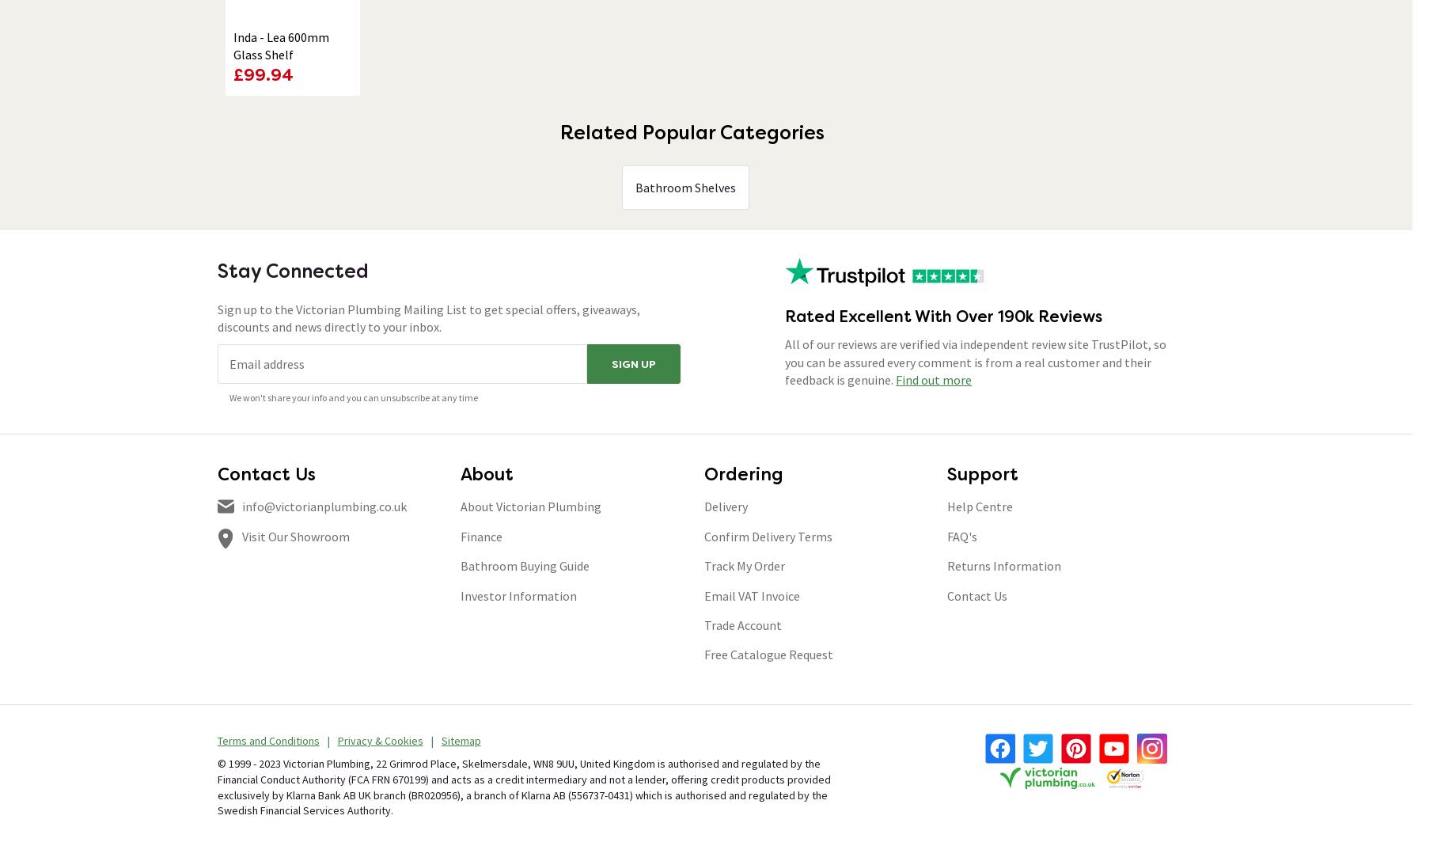  Describe the element at coordinates (725, 506) in the screenshot. I see `'Delivery'` at that location.